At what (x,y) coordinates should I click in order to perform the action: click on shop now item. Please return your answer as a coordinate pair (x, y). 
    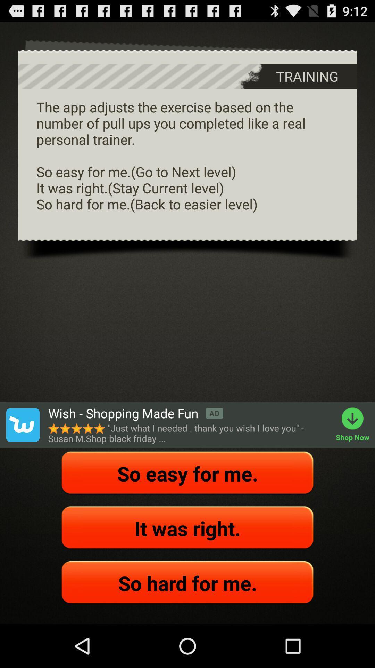
    Looking at the image, I should click on (355, 424).